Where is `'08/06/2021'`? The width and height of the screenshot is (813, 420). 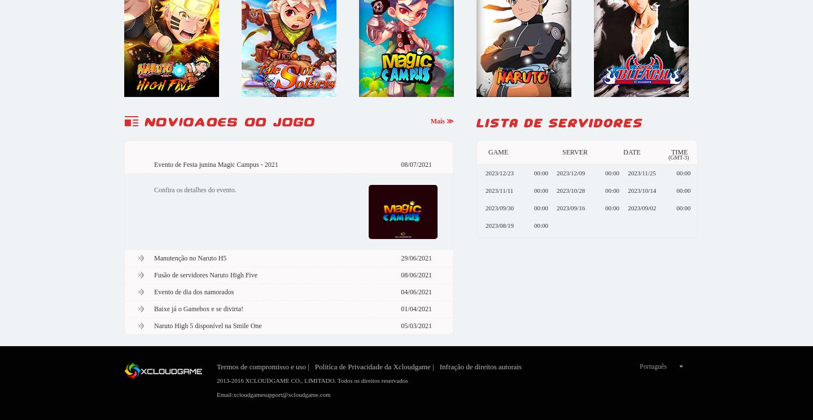 '08/06/2021' is located at coordinates (416, 275).